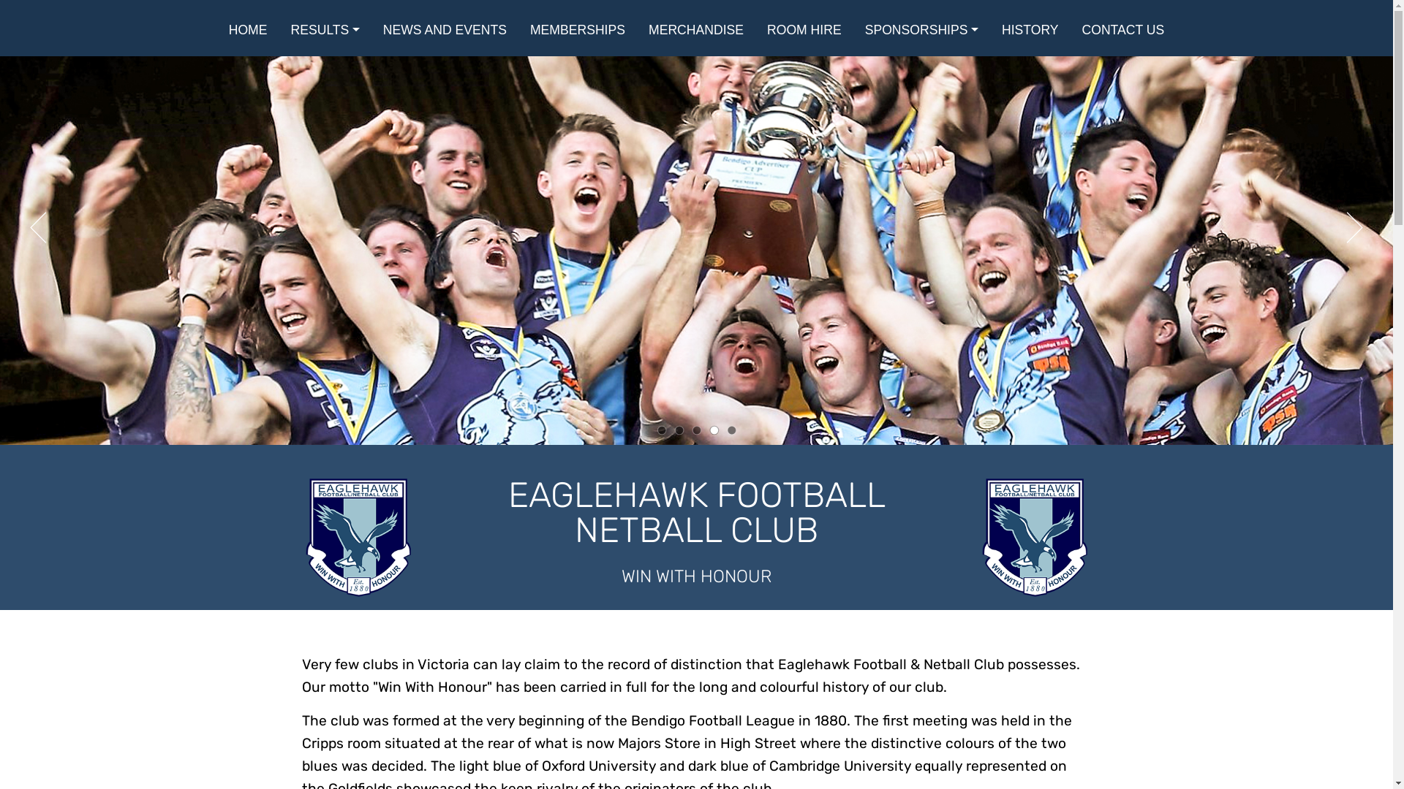 The width and height of the screenshot is (1404, 789). What do you see at coordinates (755, 30) in the screenshot?
I see `'ROOM HIRE'` at bounding box center [755, 30].